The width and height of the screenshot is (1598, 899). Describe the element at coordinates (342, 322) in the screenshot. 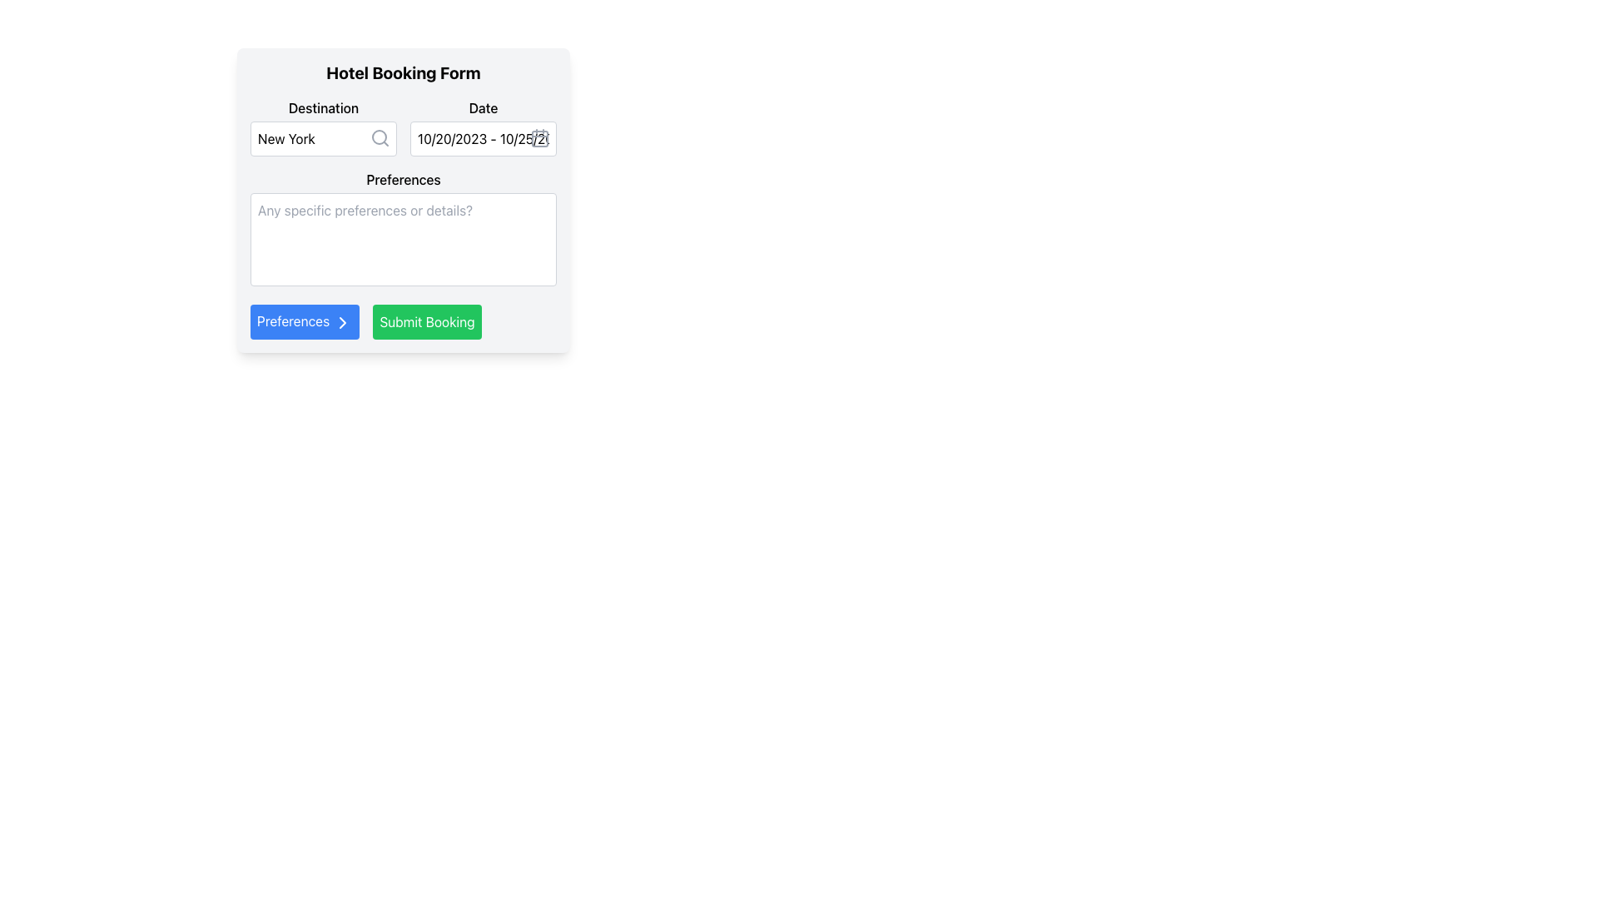

I see `the icon located inside the blue 'Preferences' button to trigger a visual or textual change on hover` at that location.